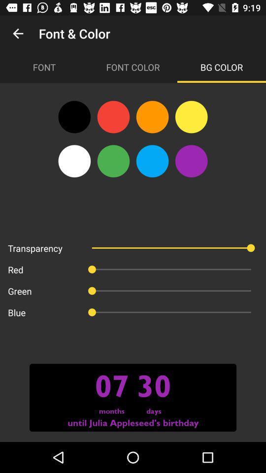  Describe the element at coordinates (18, 34) in the screenshot. I see `app to the left of font & color icon` at that location.